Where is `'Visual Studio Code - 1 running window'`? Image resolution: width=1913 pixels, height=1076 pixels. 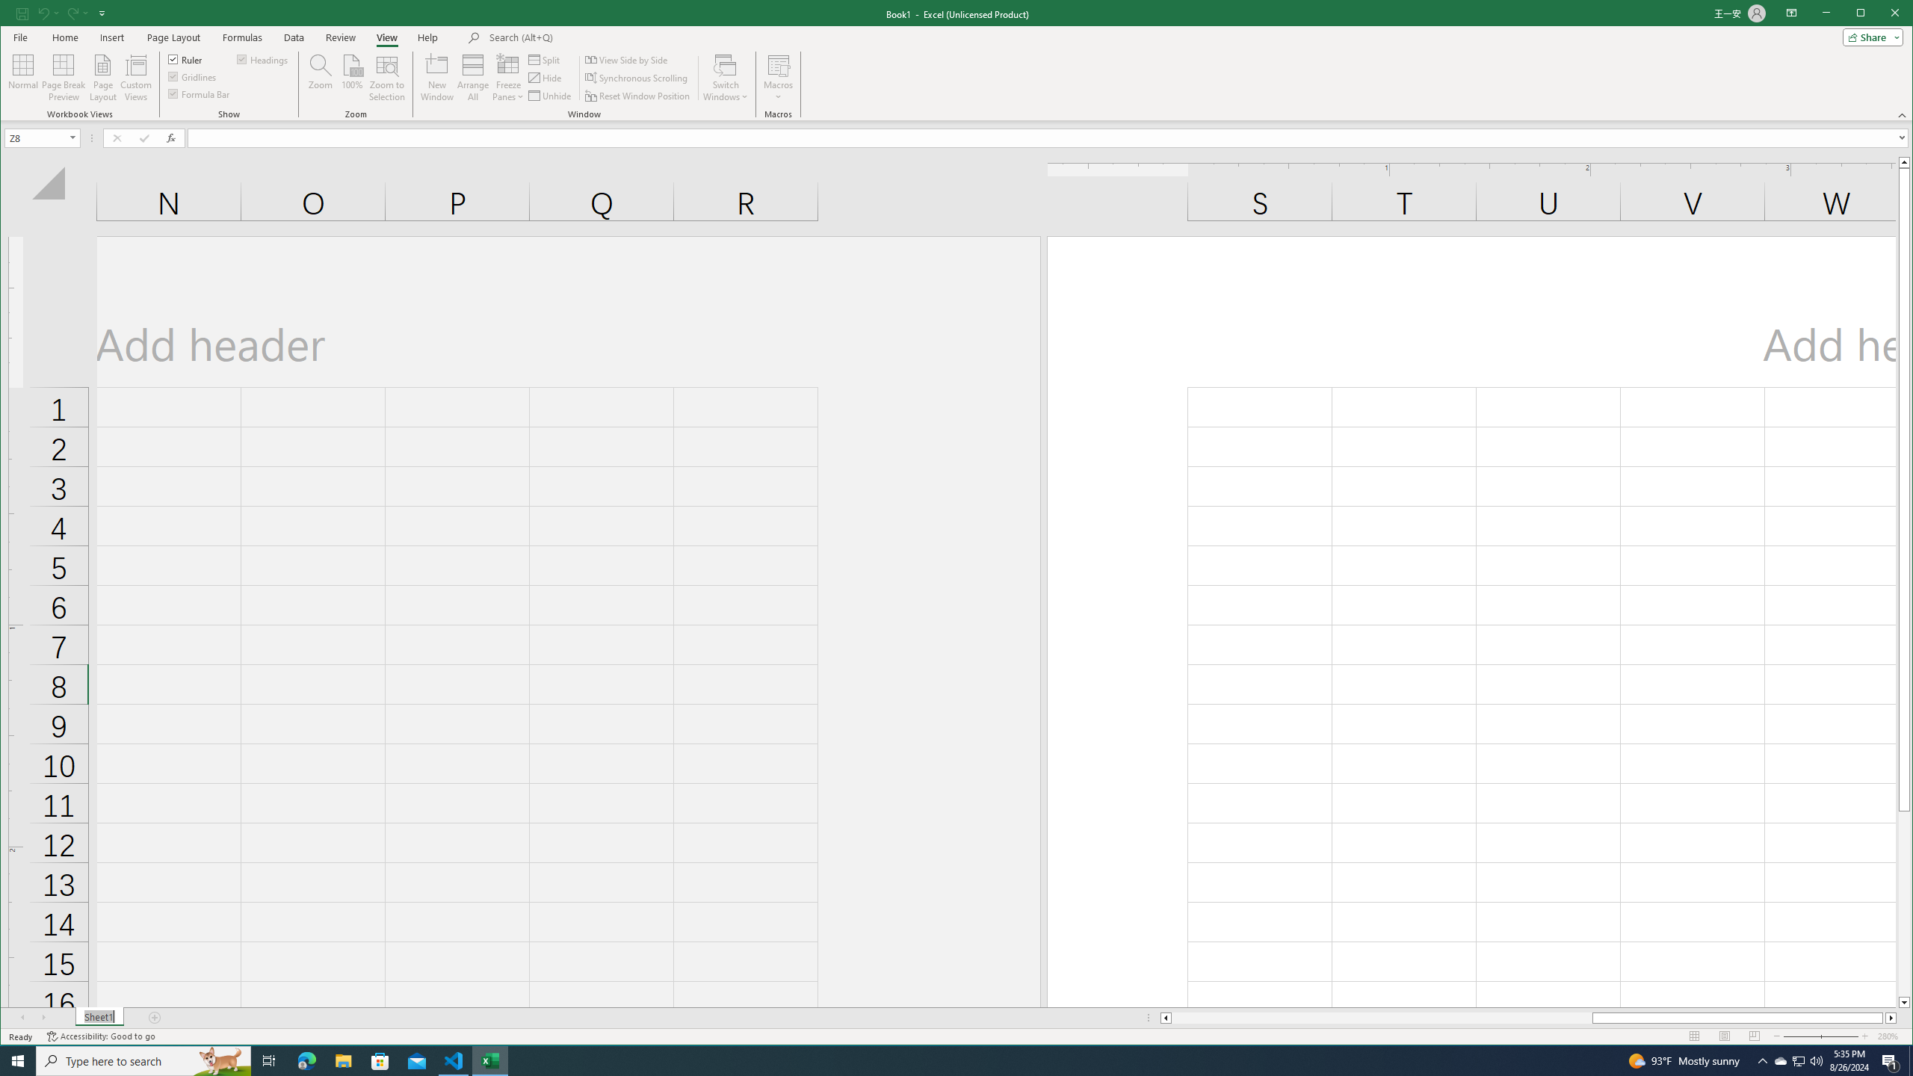
'Visual Studio Code - 1 running window' is located at coordinates (454, 1060).